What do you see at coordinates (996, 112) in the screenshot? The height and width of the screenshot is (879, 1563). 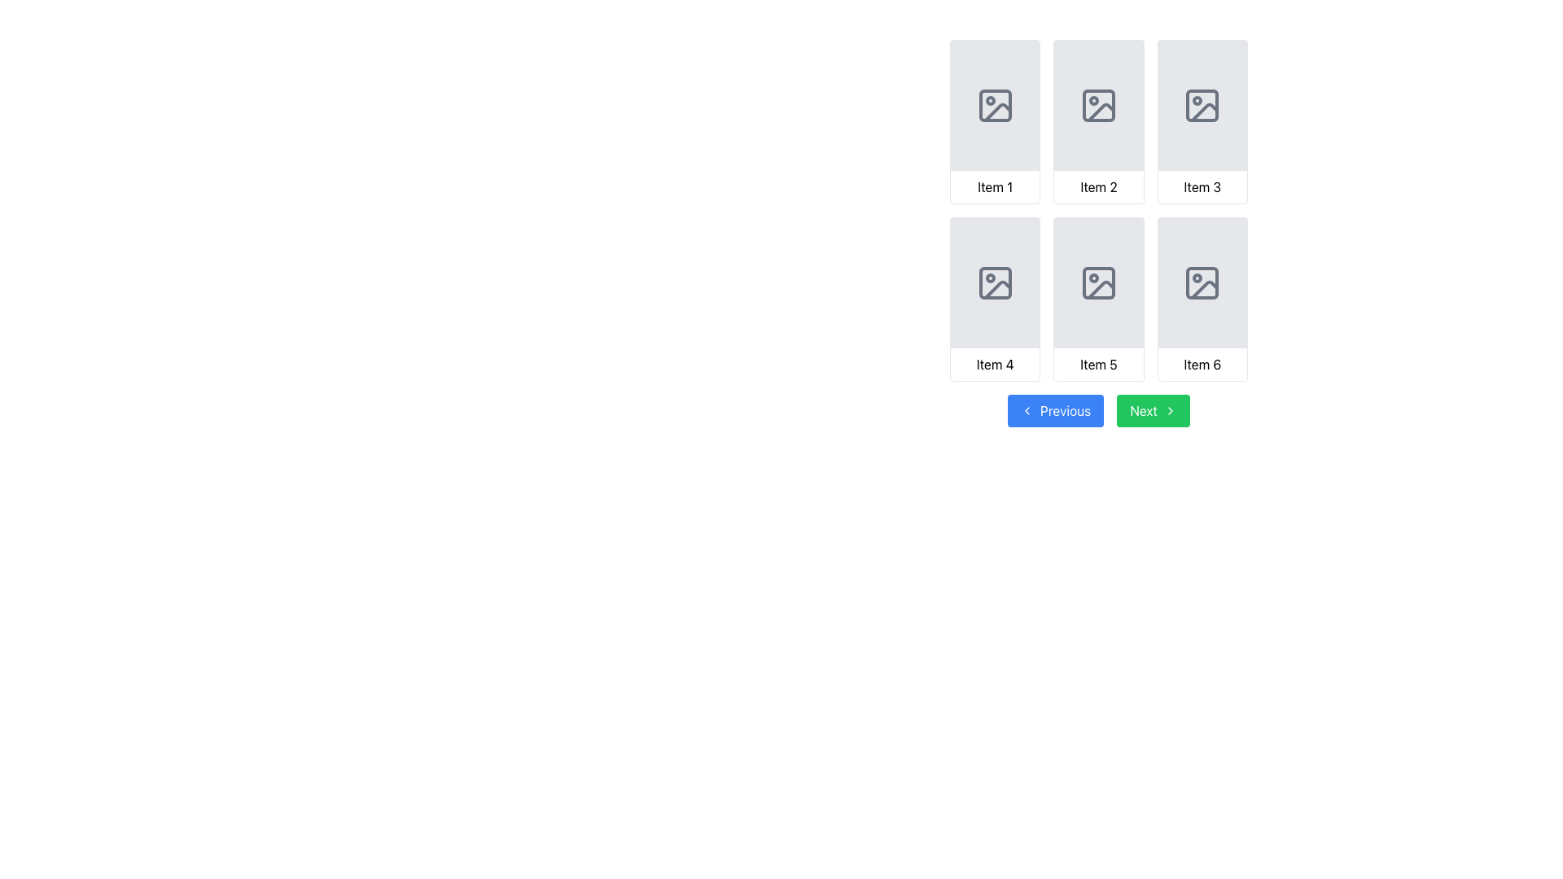 I see `the image icon displayed within a gray square button, located in the top-left button of a 3x2 grid layout` at bounding box center [996, 112].